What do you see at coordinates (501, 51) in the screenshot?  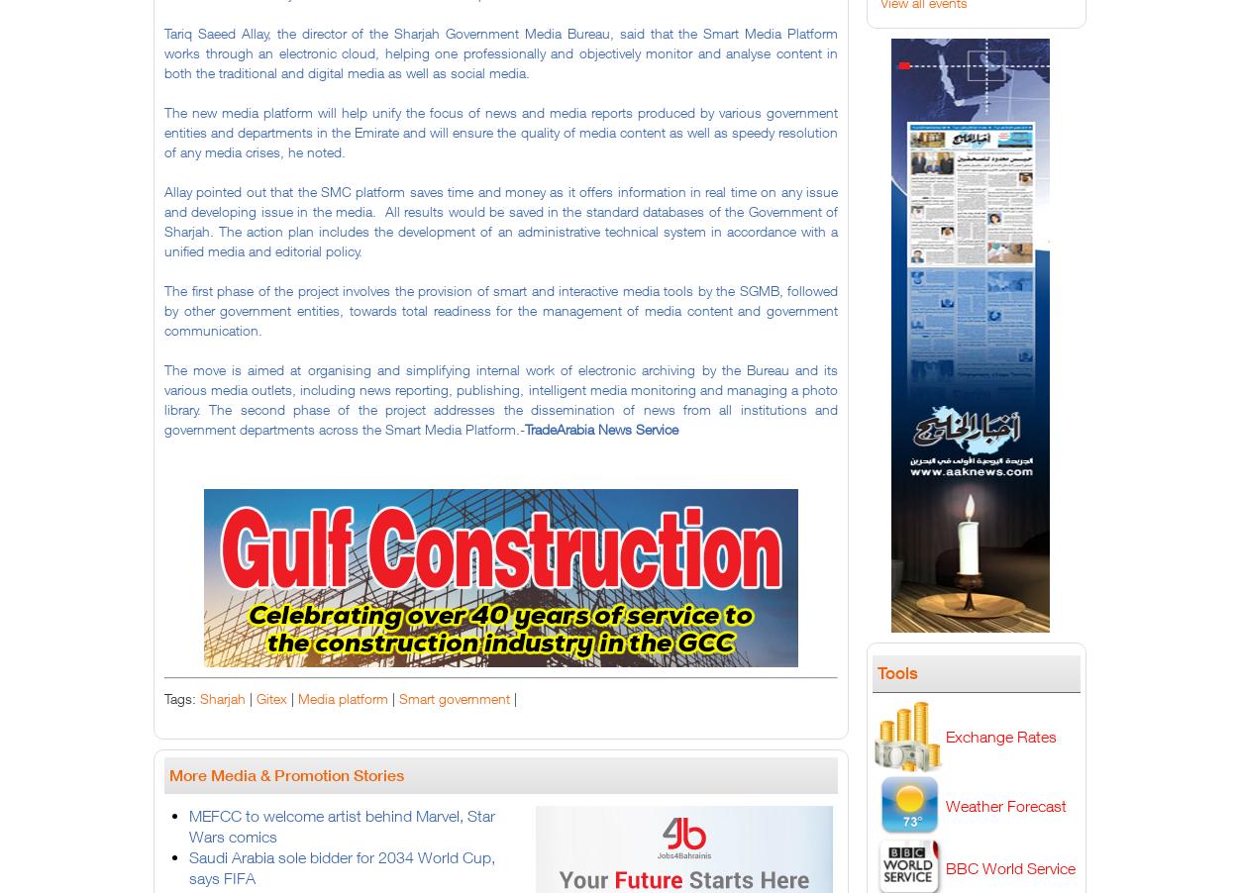 I see `'Tariq Saeed Allay, the director of the Sharjah Government Media Bureau, said that the Smart Media Platform works through an electronic cloud, helping one professionally and objectively monitor and analyse content in both the traditional and digital media as well as social media.'` at bounding box center [501, 51].